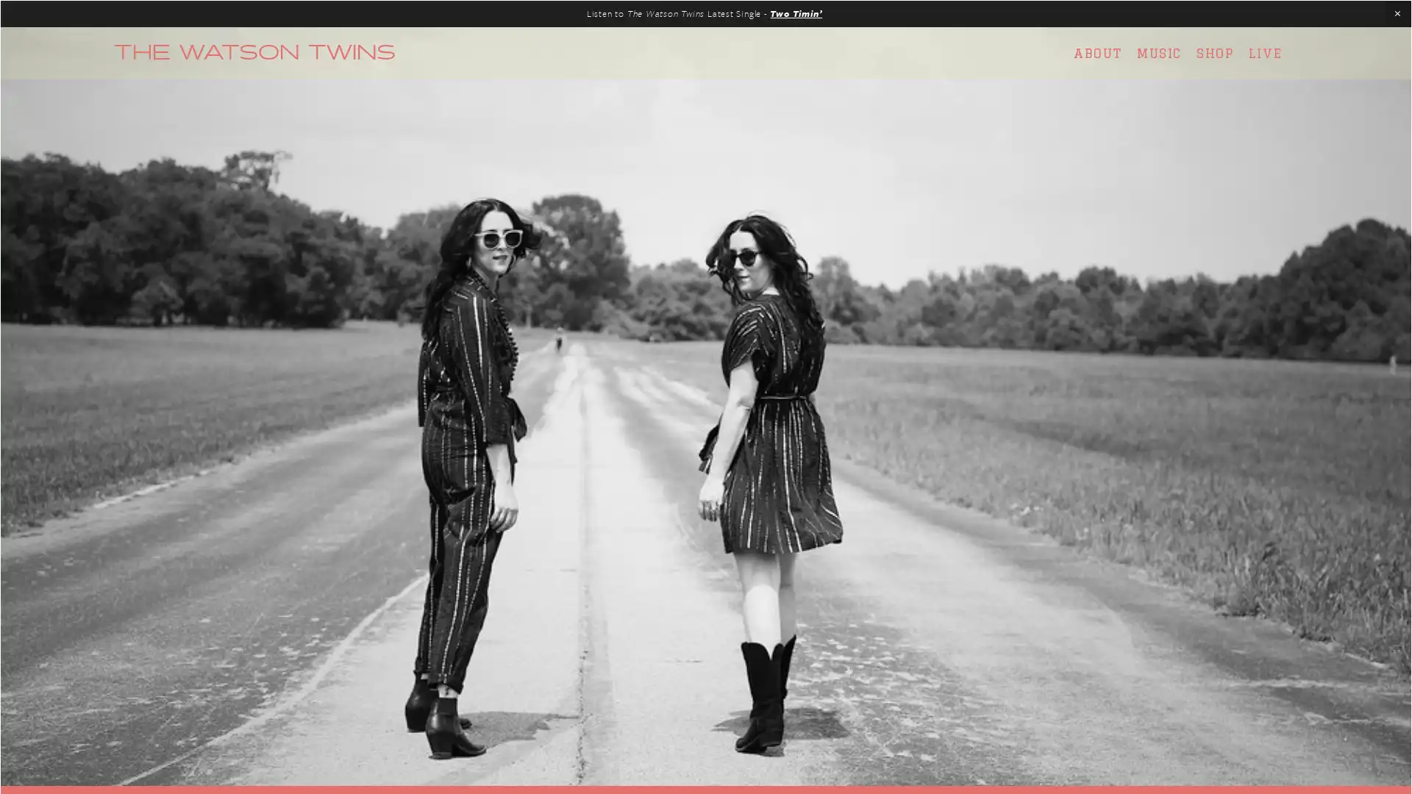  I want to click on Close, so click(964, 210).